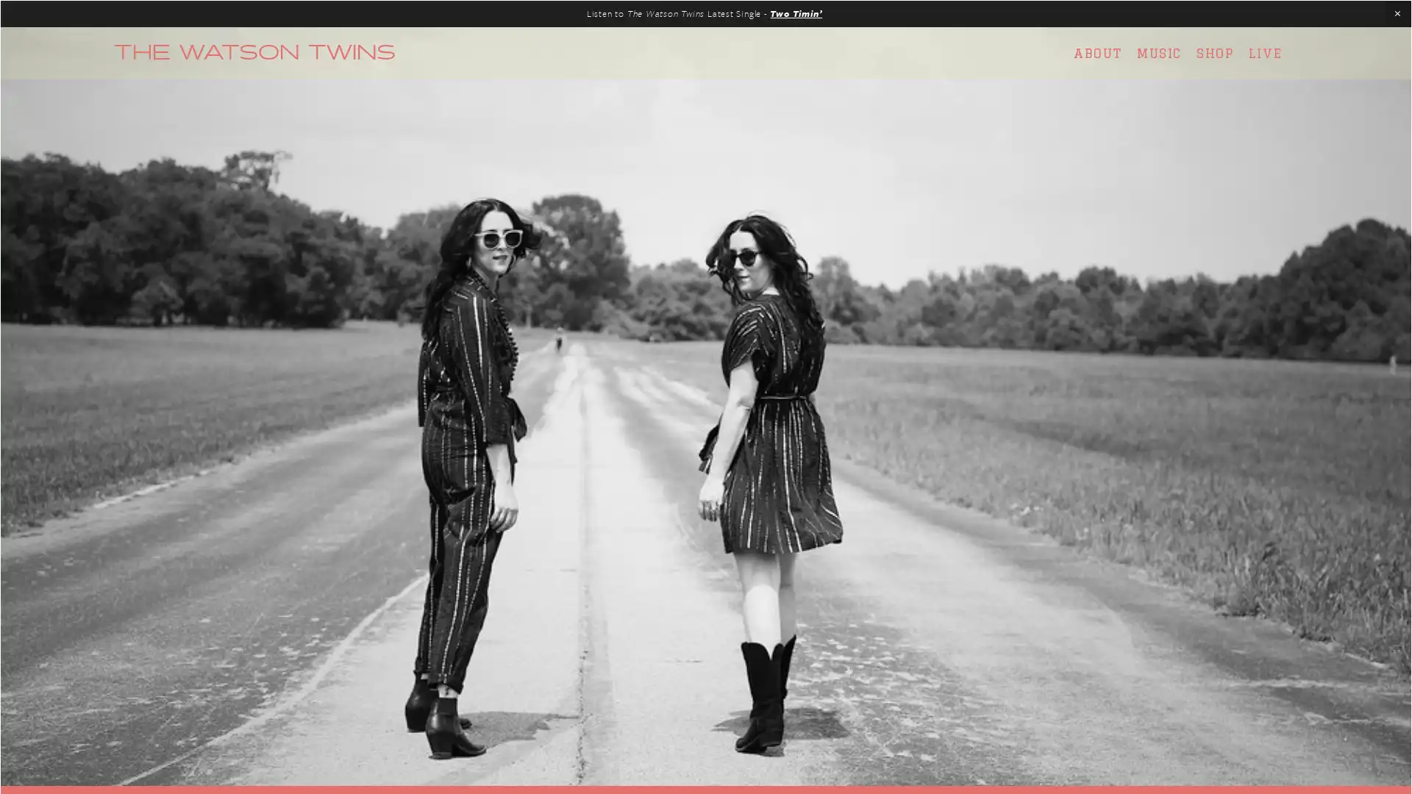  I want to click on Close, so click(964, 210).